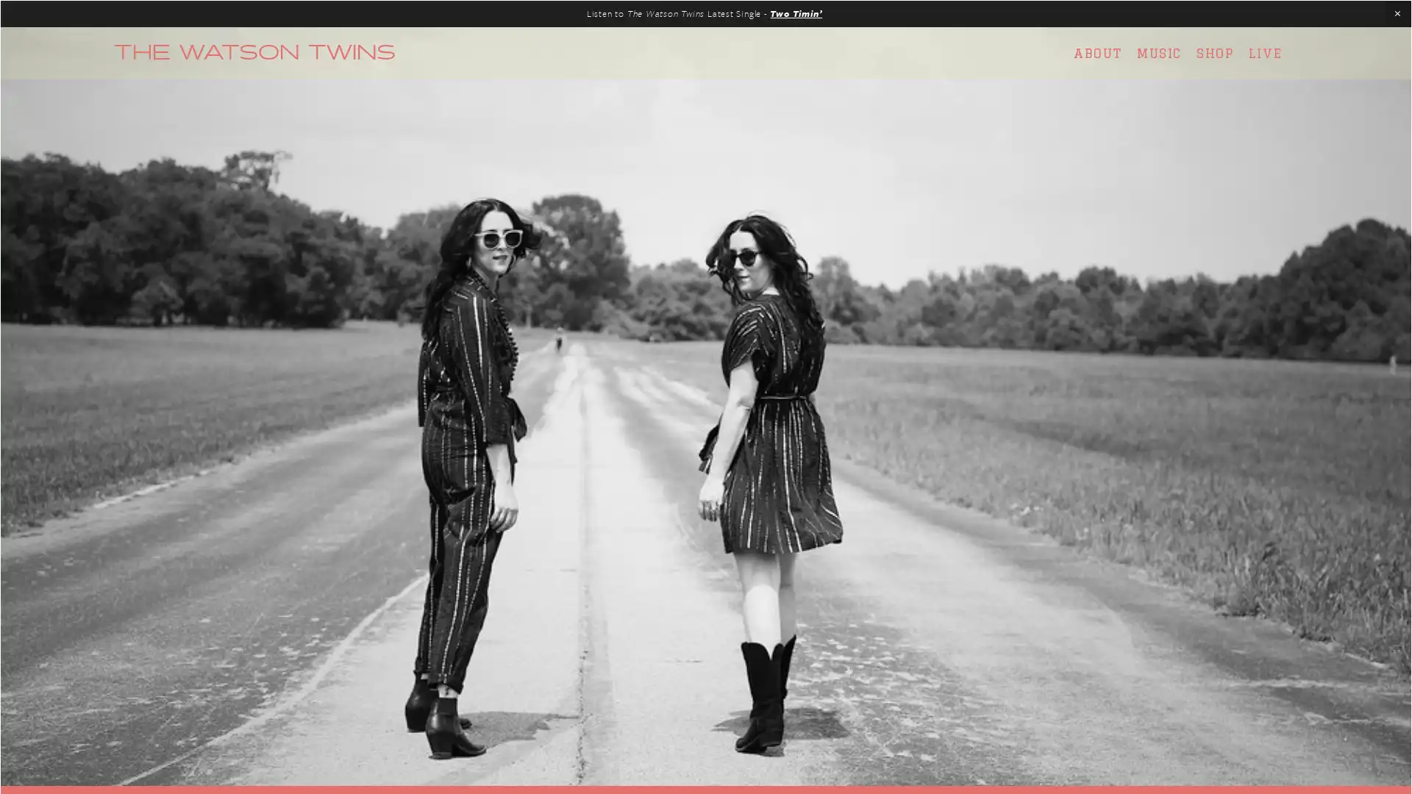  I want to click on Close, so click(964, 210).